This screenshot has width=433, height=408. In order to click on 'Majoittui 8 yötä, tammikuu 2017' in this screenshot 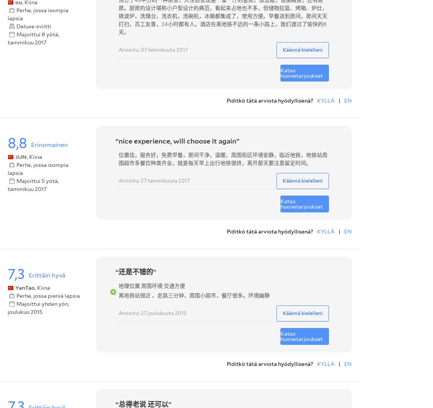, I will do `click(33, 38)`.